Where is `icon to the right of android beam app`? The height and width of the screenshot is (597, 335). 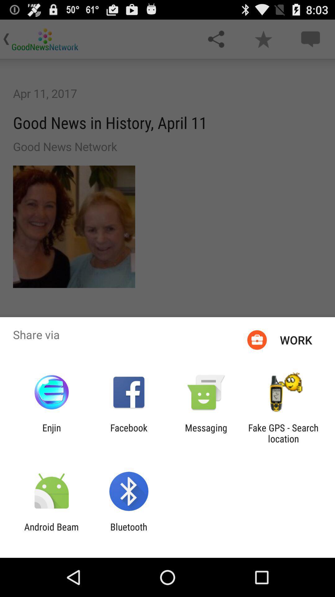 icon to the right of android beam app is located at coordinates (128, 532).